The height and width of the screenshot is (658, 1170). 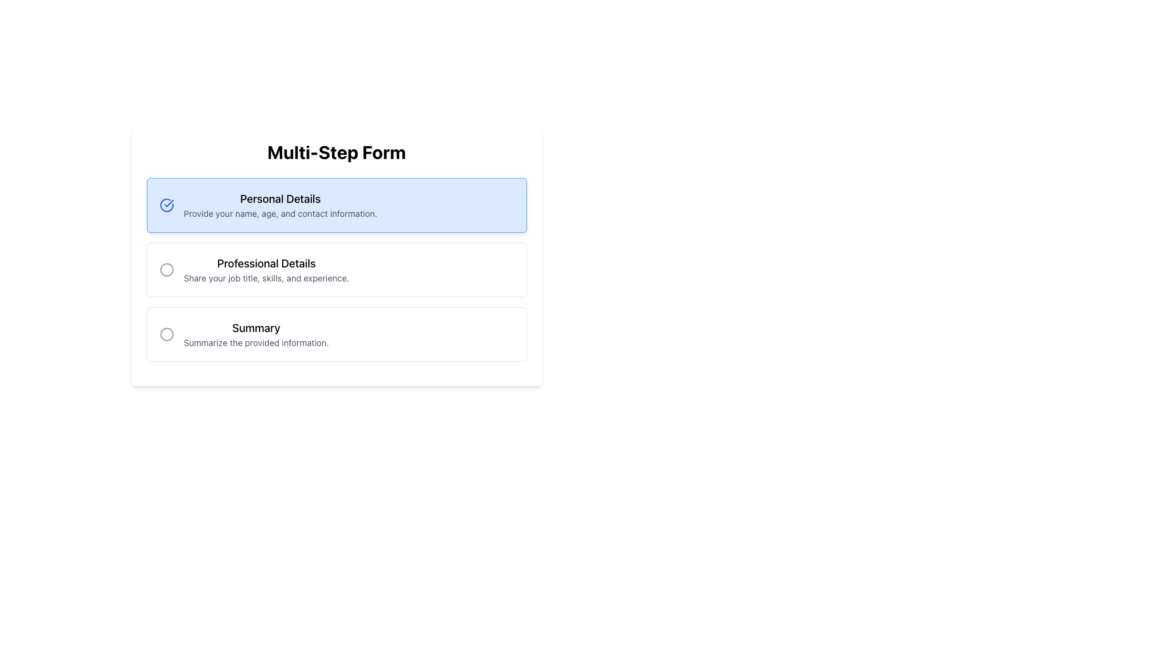 What do you see at coordinates (336, 204) in the screenshot?
I see `the first selectable item in the form interface that allows users to provide personal details, preparing it for input` at bounding box center [336, 204].